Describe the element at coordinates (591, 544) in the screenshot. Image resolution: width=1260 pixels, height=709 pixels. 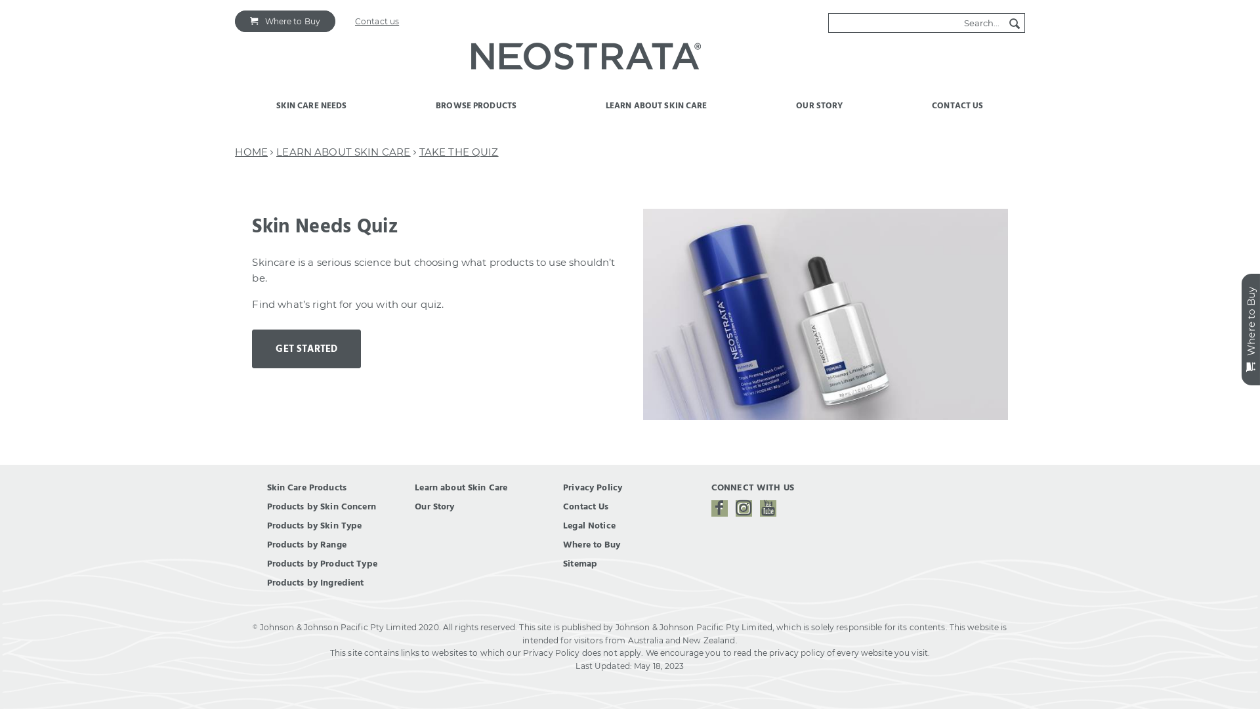
I see `'Where to Buy'` at that location.